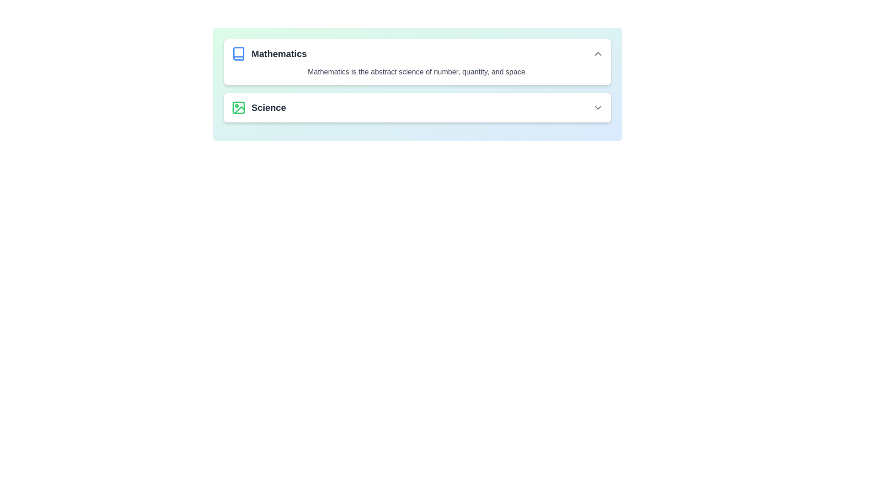  What do you see at coordinates (598, 54) in the screenshot?
I see `the upward-pointing chevron icon located at the far-right end of the 'Mathematics' header section` at bounding box center [598, 54].